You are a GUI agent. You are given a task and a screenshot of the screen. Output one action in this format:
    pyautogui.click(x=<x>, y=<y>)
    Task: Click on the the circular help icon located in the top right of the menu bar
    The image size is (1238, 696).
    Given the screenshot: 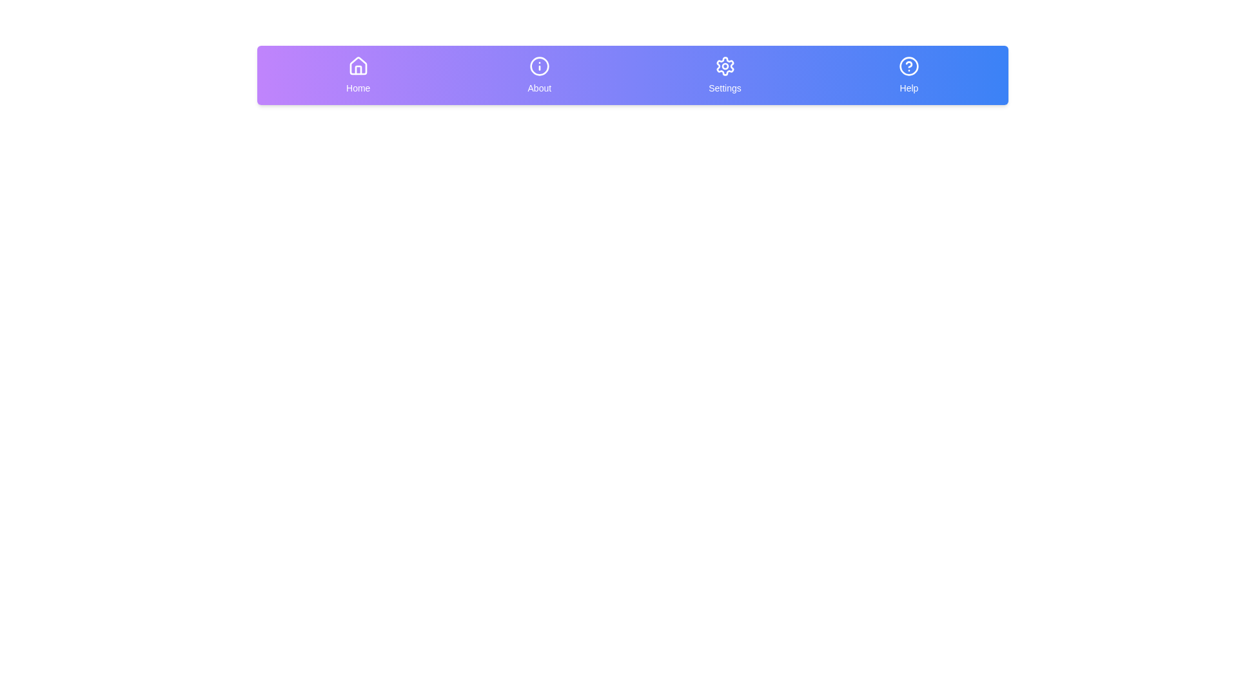 What is the action you would take?
    pyautogui.click(x=908, y=66)
    